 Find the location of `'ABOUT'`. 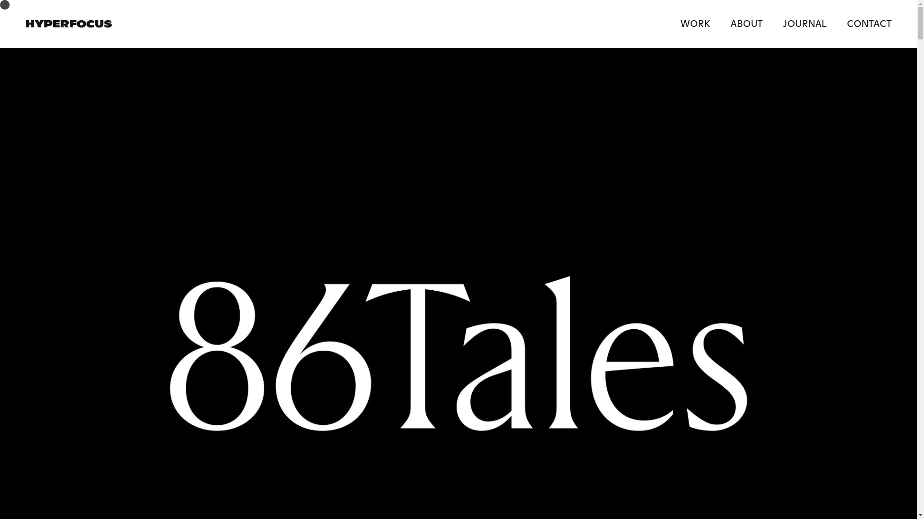

'ABOUT' is located at coordinates (745, 24).